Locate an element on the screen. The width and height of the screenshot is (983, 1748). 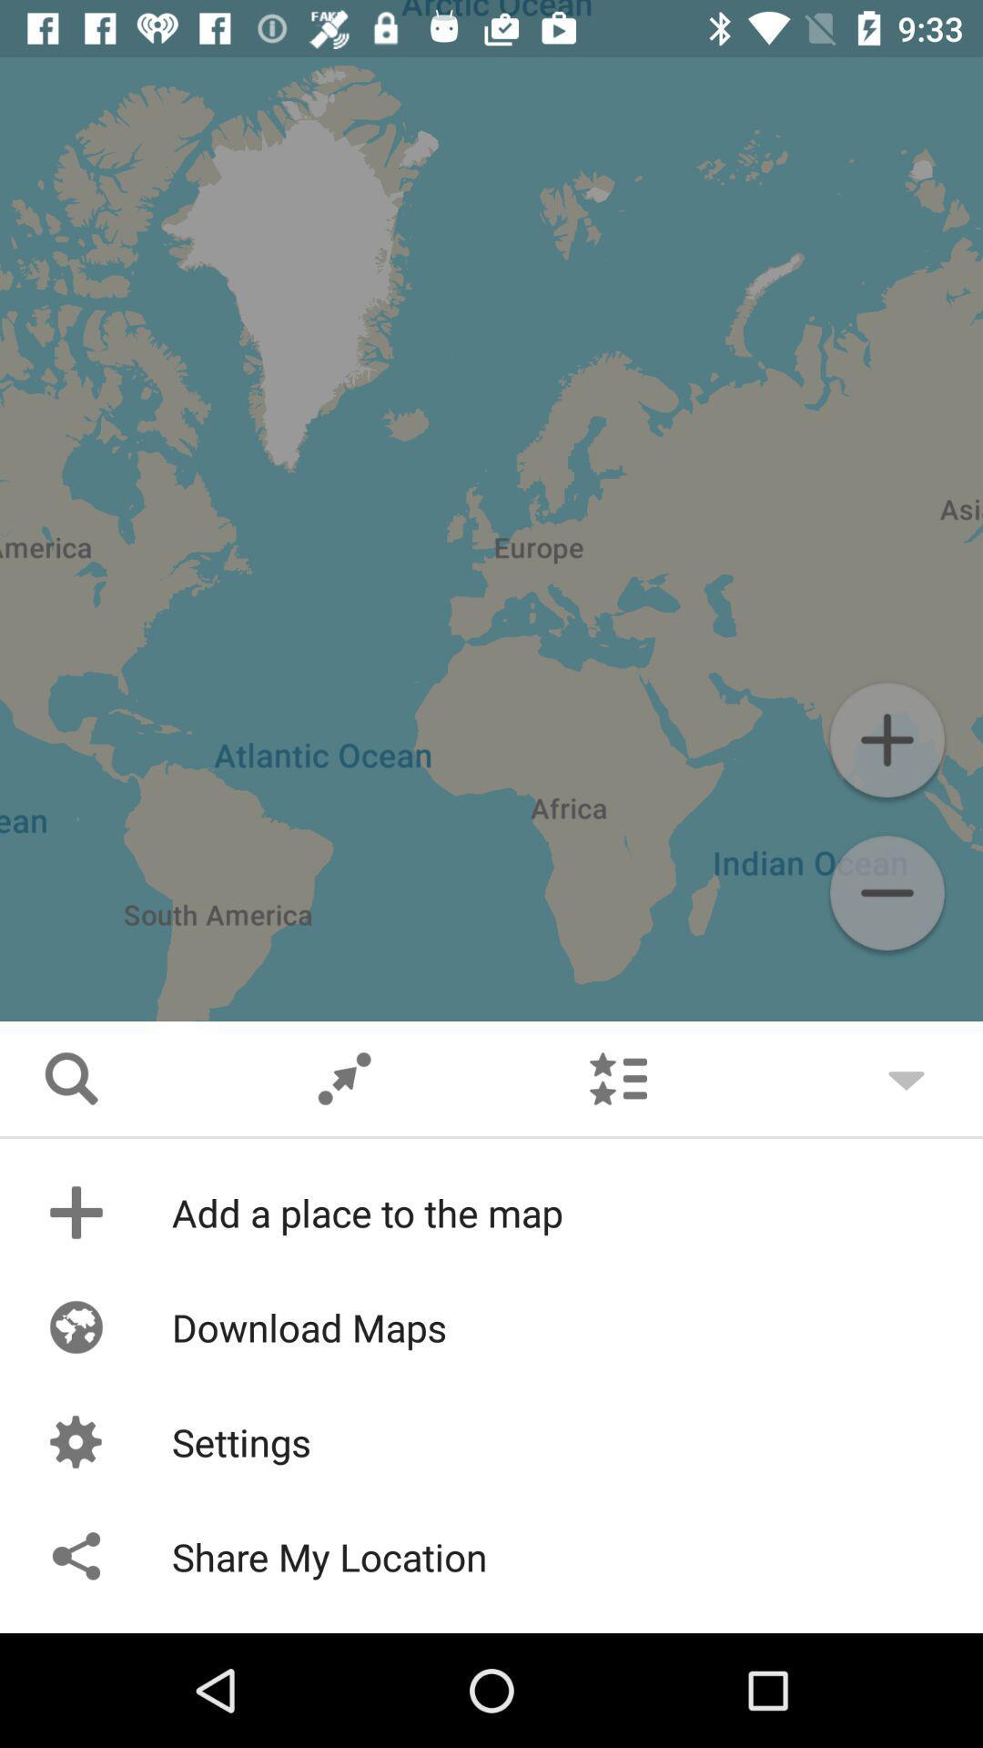
the search icon is located at coordinates (70, 1079).